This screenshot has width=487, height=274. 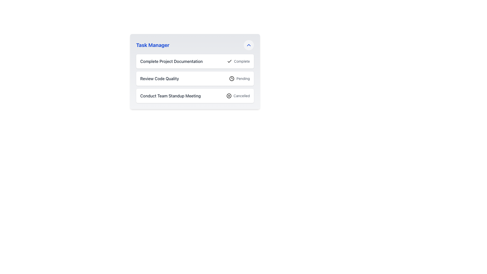 I want to click on the text label containing the phrase 'Conduct Team Standup Meeting' to expand the task details, so click(x=170, y=96).